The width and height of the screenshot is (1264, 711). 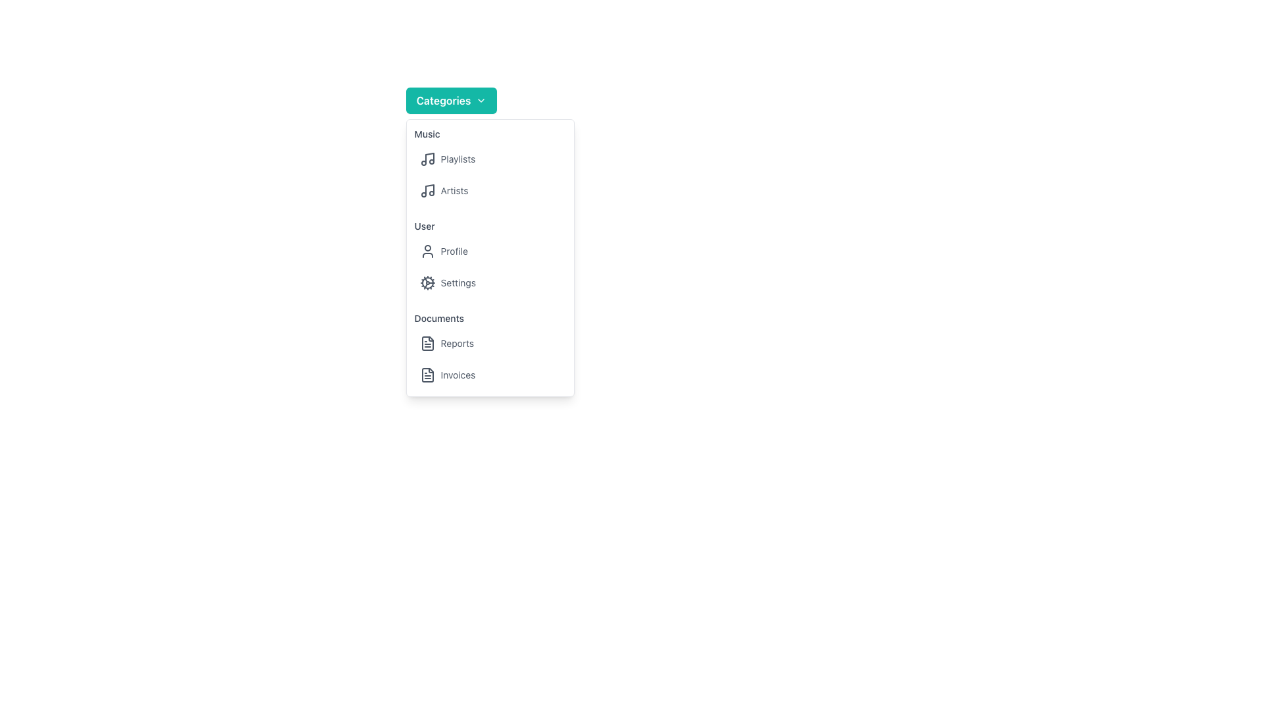 I want to click on the cogwheel icon located within the 'Settings' menu option in the vertical dropdown menu, so click(x=427, y=282).